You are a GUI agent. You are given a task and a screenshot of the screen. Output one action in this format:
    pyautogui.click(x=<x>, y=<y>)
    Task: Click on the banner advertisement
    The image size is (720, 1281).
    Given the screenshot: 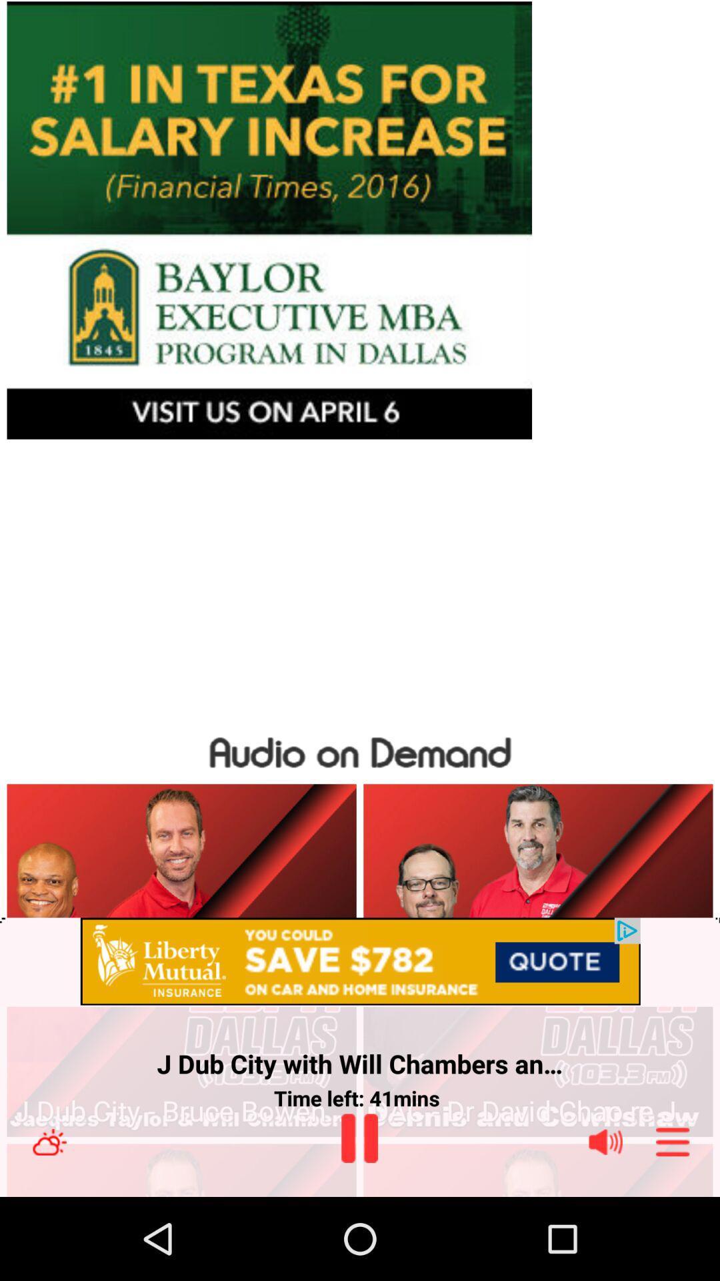 What is the action you would take?
    pyautogui.click(x=360, y=220)
    